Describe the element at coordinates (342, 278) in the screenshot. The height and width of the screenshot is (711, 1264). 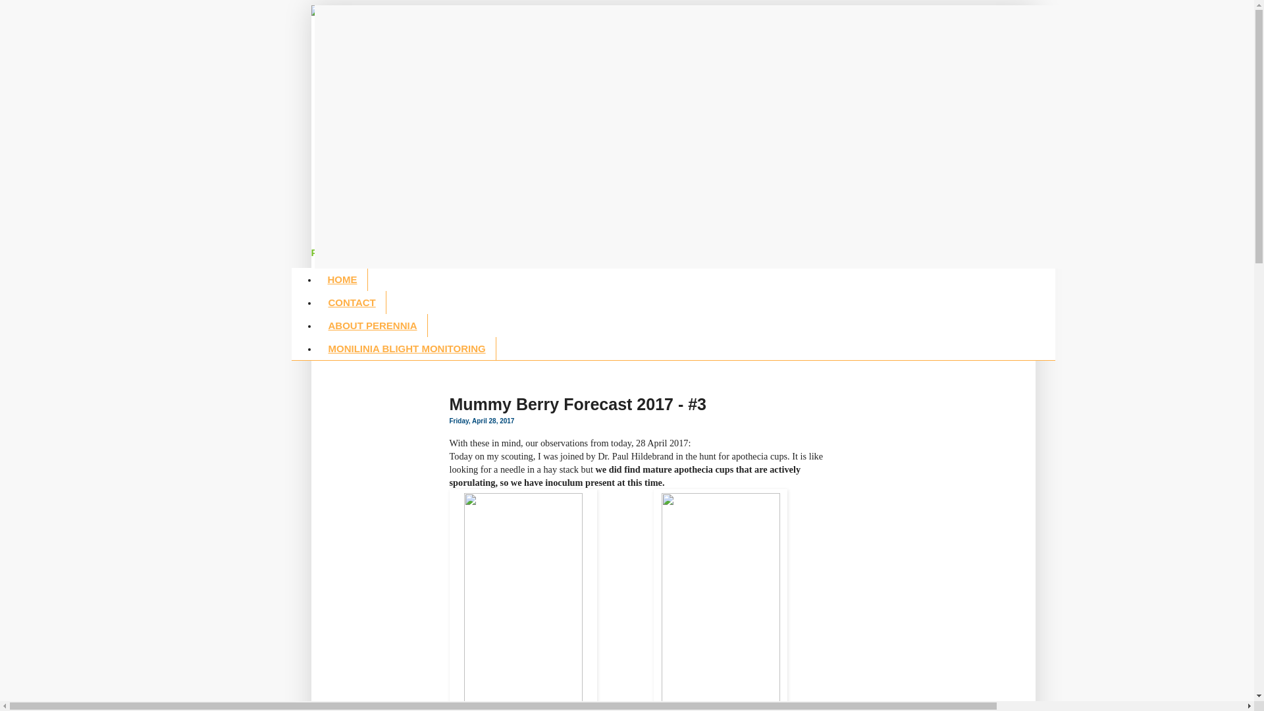
I see `'HOME'` at that location.